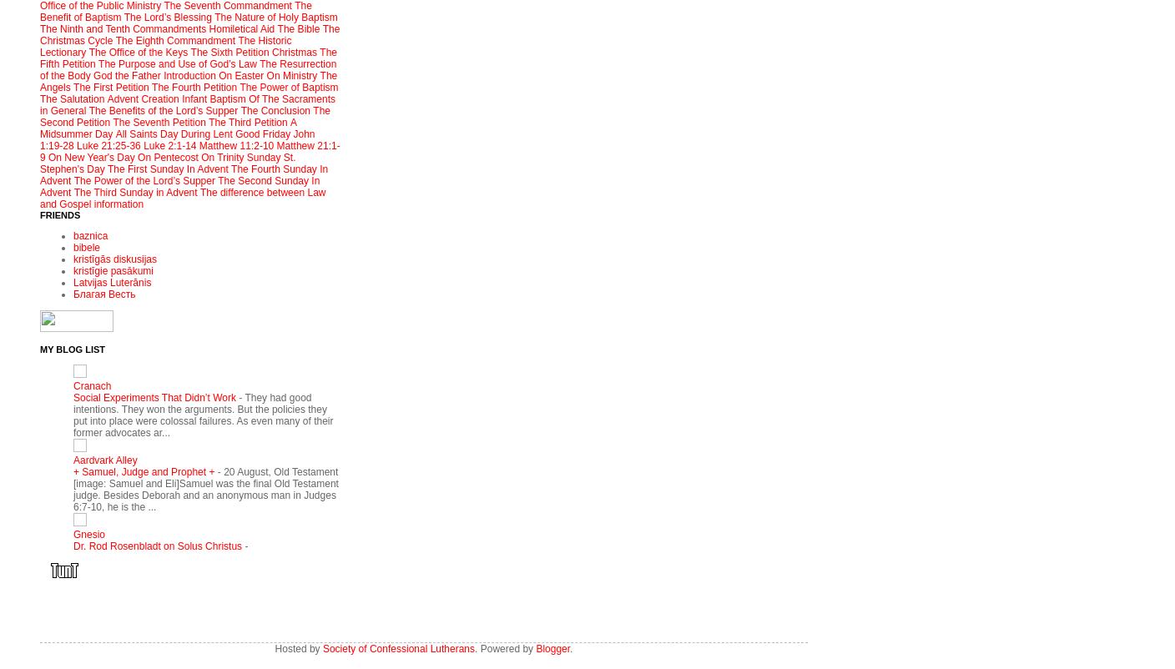 Image resolution: width=1175 pixels, height=669 pixels. What do you see at coordinates (162, 76) in the screenshot?
I see `'Introduction'` at bounding box center [162, 76].